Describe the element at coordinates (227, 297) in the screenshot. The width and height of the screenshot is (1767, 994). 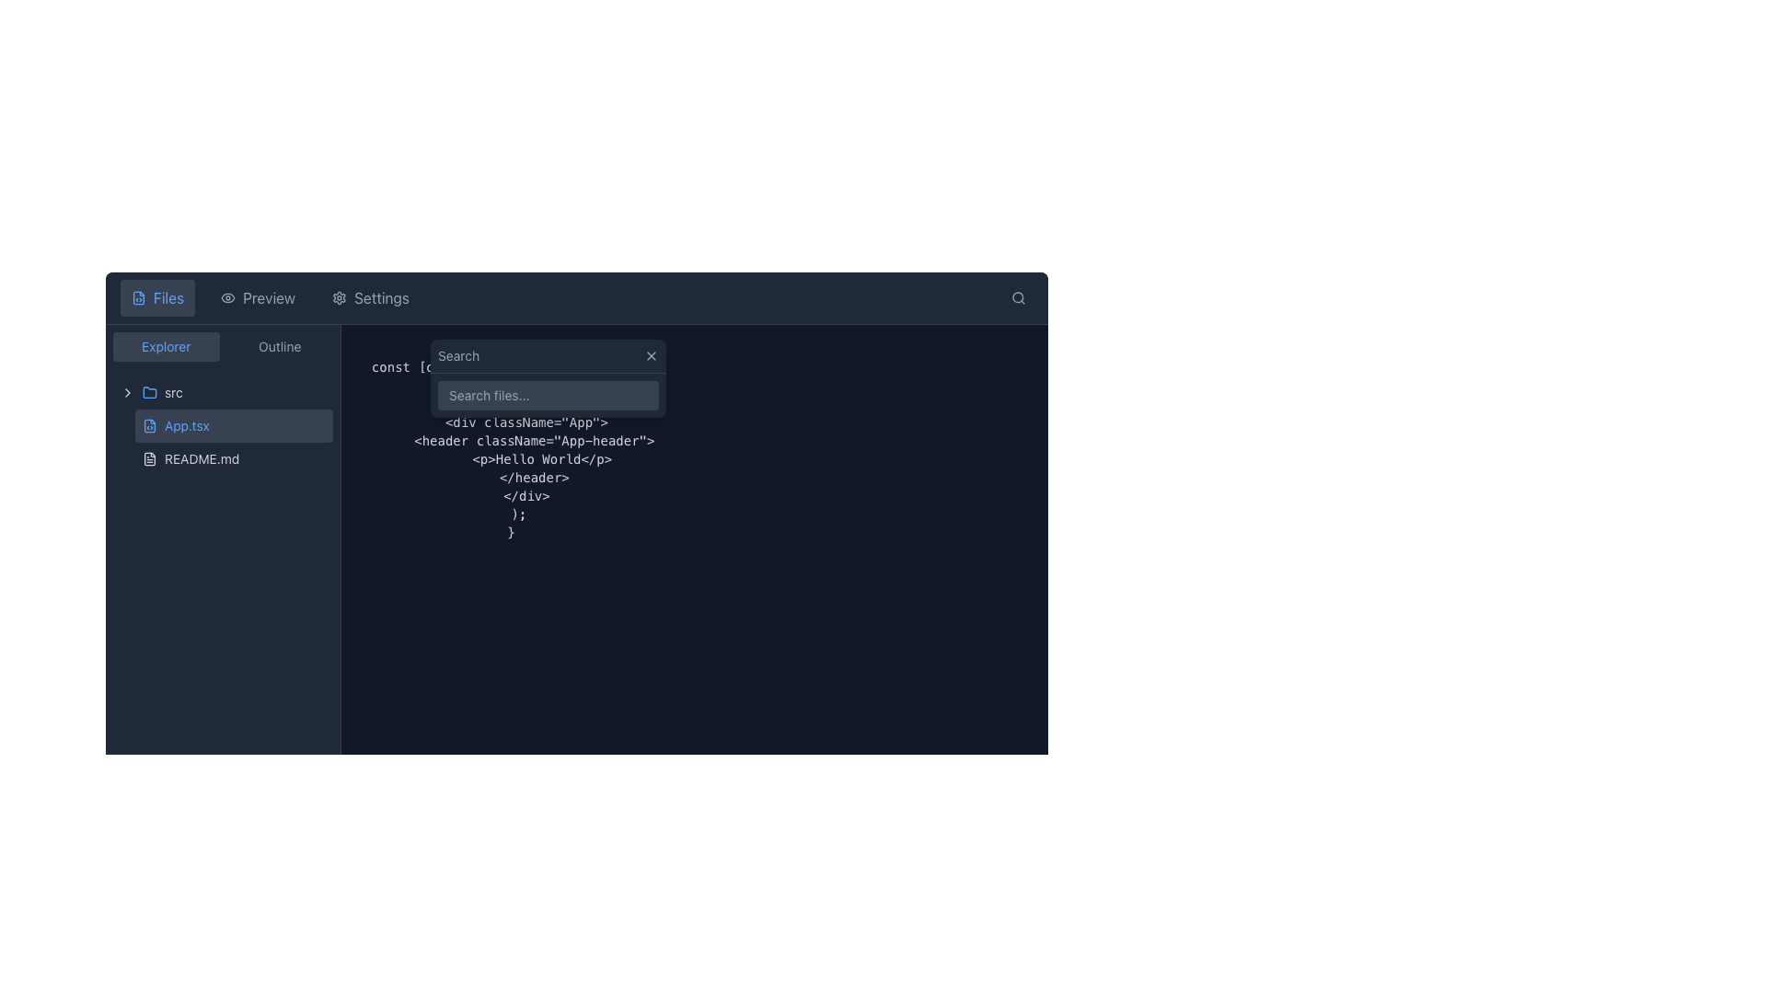
I see `the eye icon in the 'Preview' button located in the top bar of the interface` at that location.